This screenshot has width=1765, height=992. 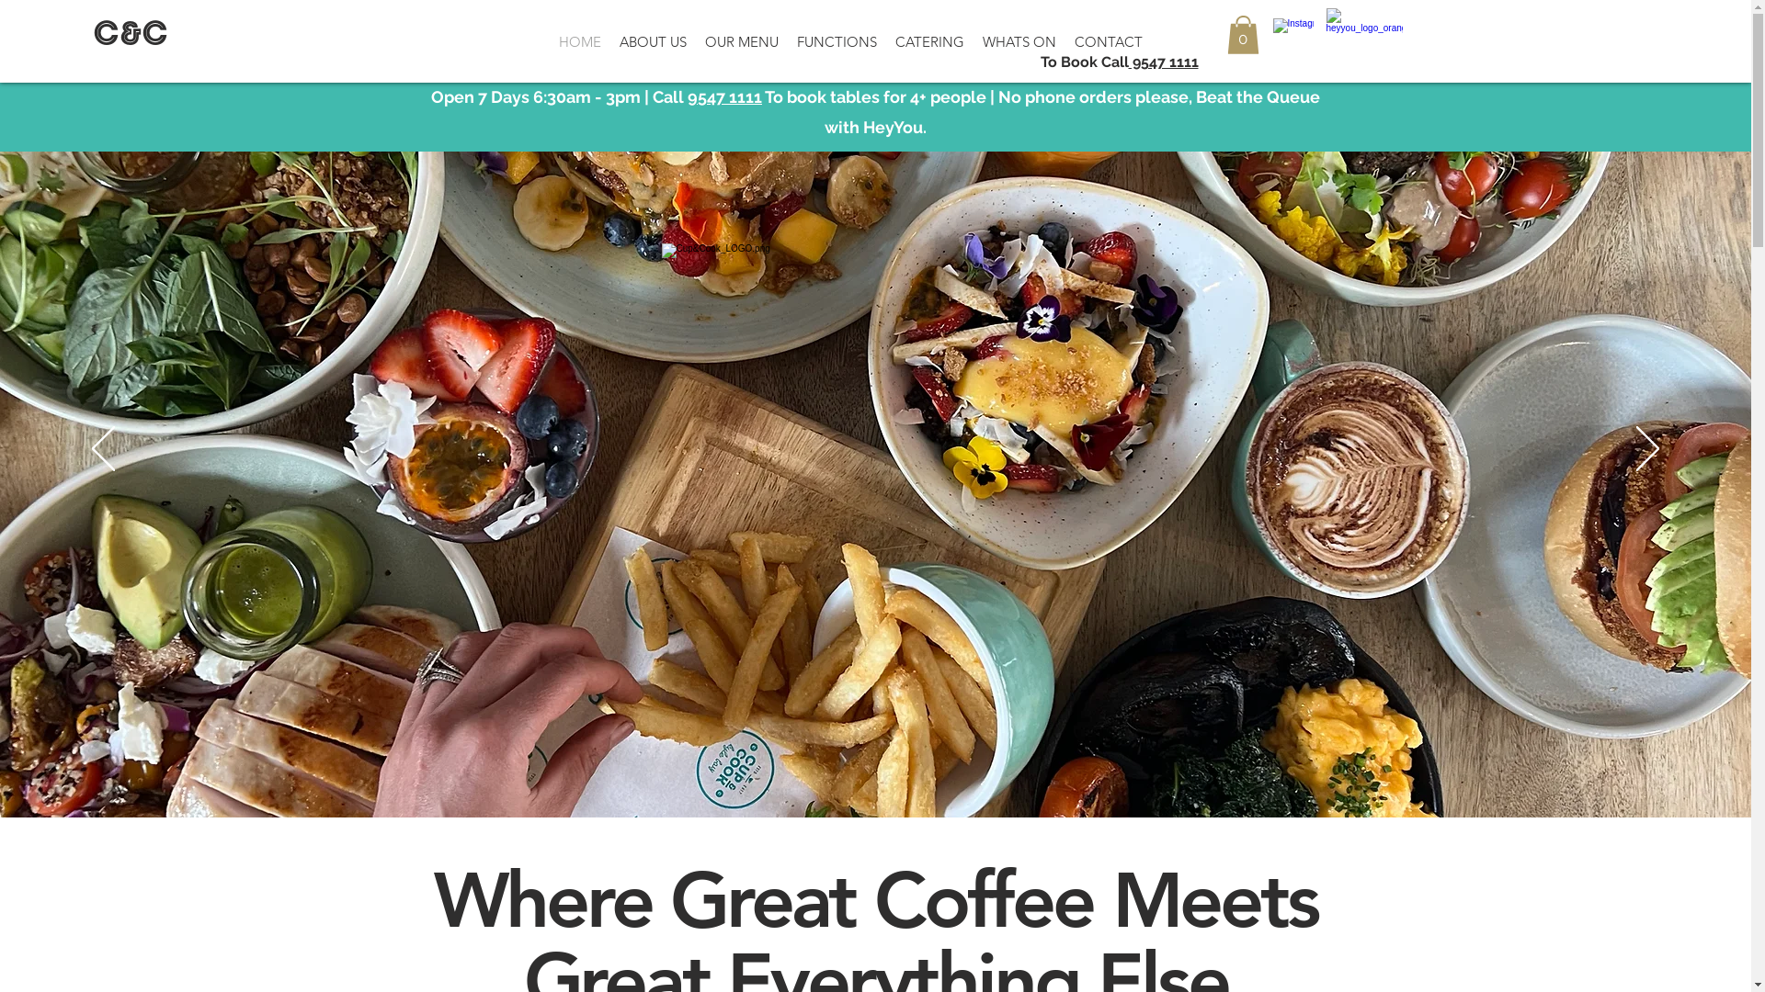 I want to click on 'C&C', so click(x=130, y=36).